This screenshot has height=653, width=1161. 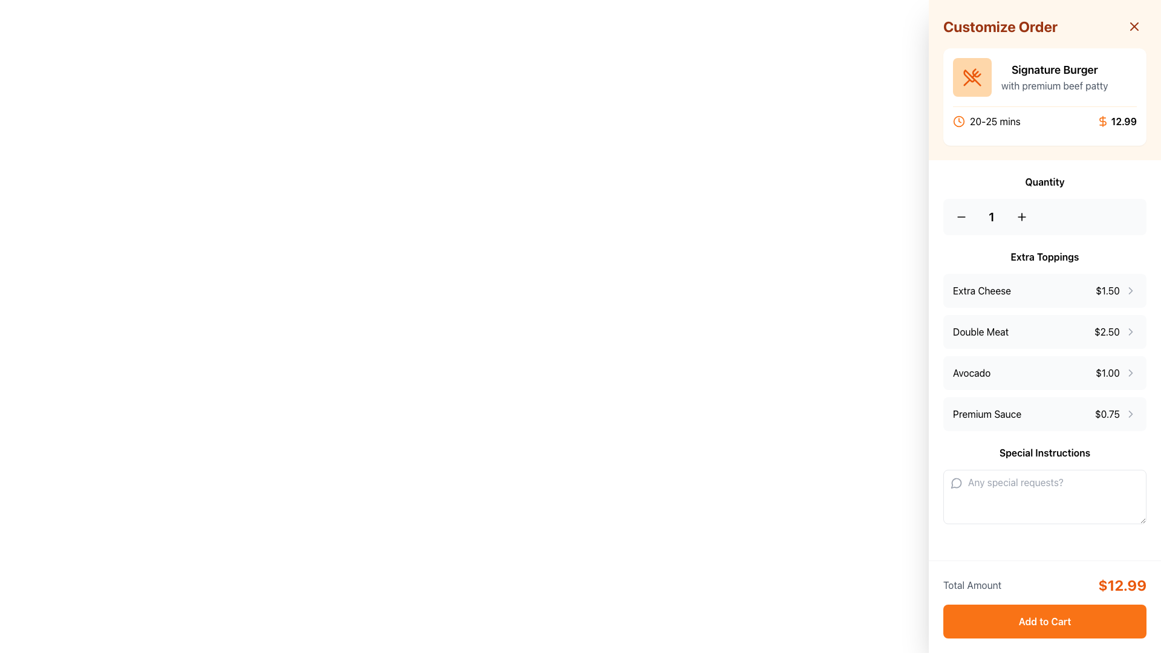 What do you see at coordinates (1116, 291) in the screenshot?
I see `the text element displaying '$1.50' with an adjacent right-pointing chevron icon, located in the 'Extra Toppings' section` at bounding box center [1116, 291].